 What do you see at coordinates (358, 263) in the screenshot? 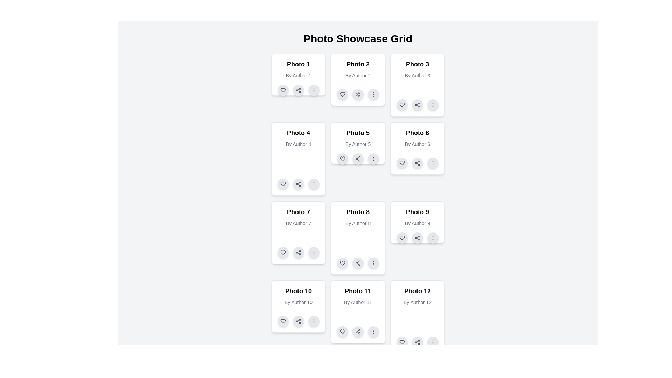
I see `the share icon button, which is represented by three interconnected circles forming a triangular shape, located at the bottom center of the card labeled 'Photo 8' by 'Author 8'` at bounding box center [358, 263].